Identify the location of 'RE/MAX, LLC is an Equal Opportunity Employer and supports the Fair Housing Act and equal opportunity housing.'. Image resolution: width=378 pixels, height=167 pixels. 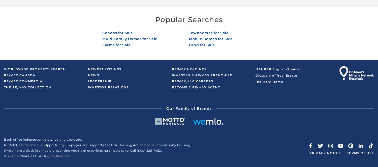
(98, 145).